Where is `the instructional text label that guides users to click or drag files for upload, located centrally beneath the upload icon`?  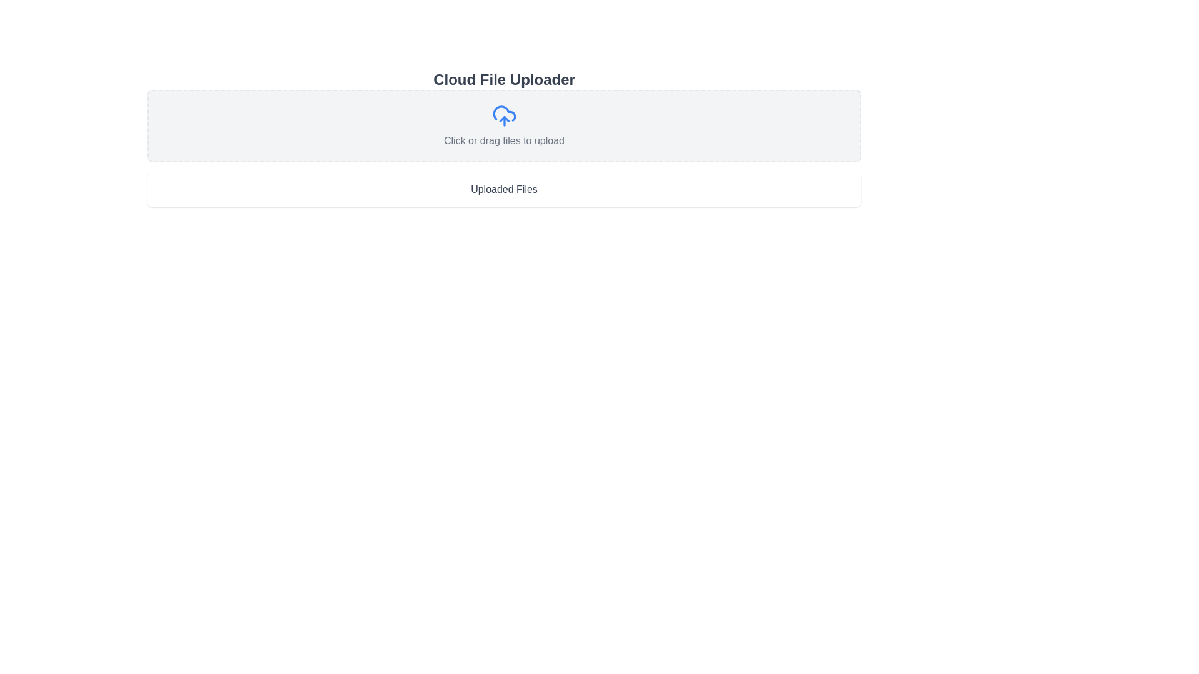
the instructional text label that guides users to click or drag files for upload, located centrally beneath the upload icon is located at coordinates (504, 140).